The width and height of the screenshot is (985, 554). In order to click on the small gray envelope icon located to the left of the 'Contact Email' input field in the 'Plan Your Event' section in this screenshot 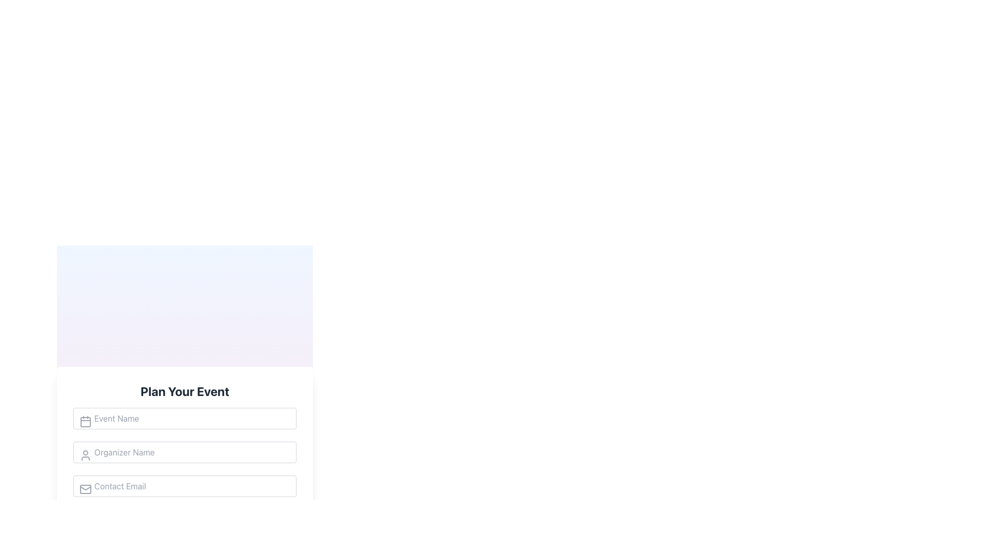, I will do `click(86, 488)`.